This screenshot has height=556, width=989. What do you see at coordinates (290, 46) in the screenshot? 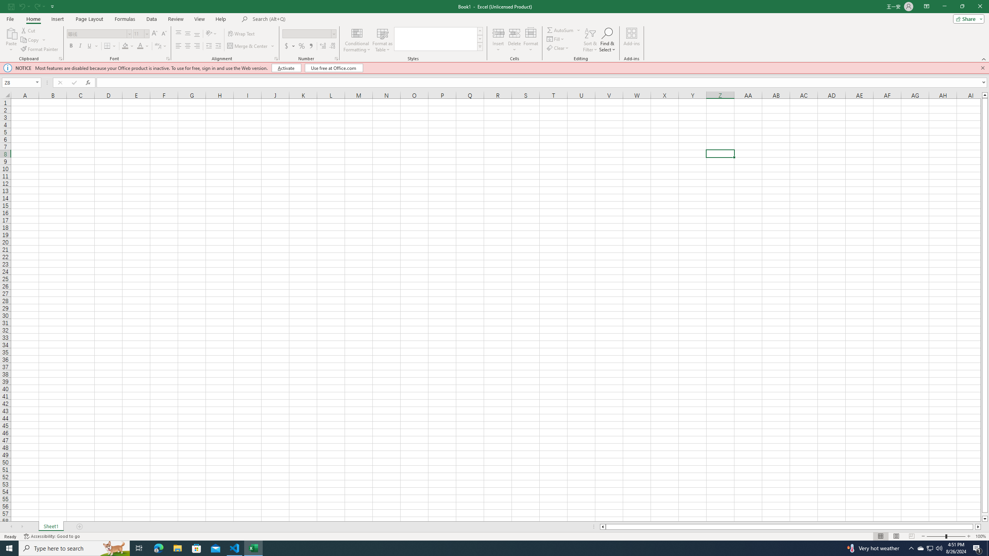
I see `'Accounting Number Format'` at bounding box center [290, 46].